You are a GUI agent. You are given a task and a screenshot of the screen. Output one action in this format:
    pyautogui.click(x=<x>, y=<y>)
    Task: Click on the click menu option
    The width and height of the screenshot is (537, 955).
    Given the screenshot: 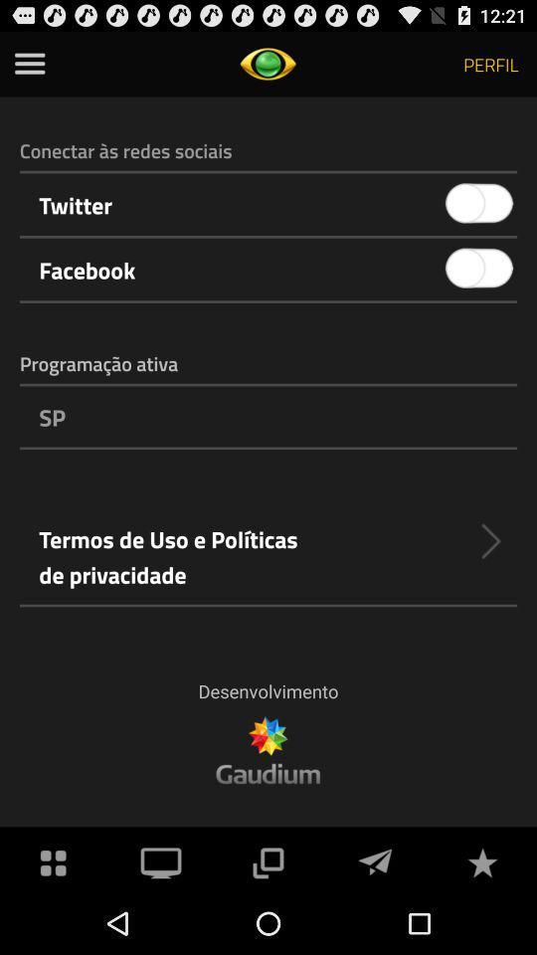 What is the action you would take?
    pyautogui.click(x=29, y=64)
    